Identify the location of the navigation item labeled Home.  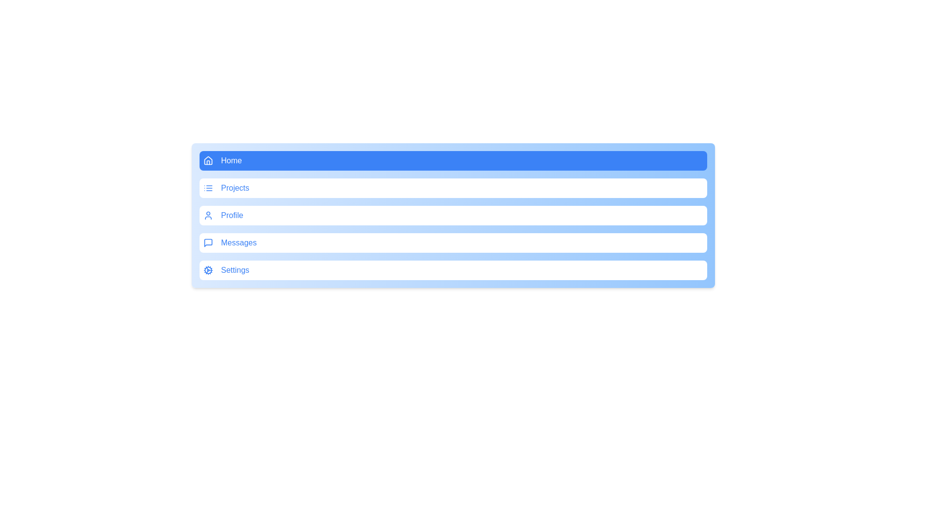
(452, 160).